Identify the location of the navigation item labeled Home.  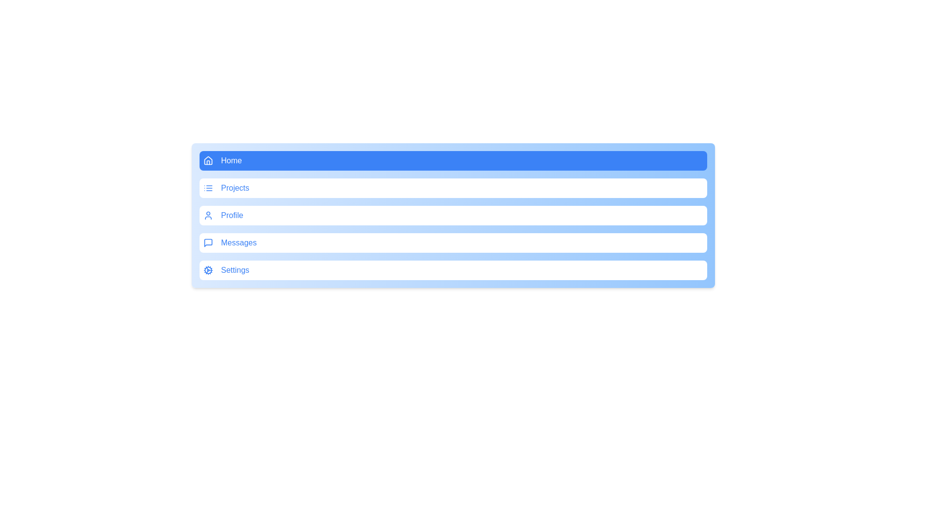
(452, 160).